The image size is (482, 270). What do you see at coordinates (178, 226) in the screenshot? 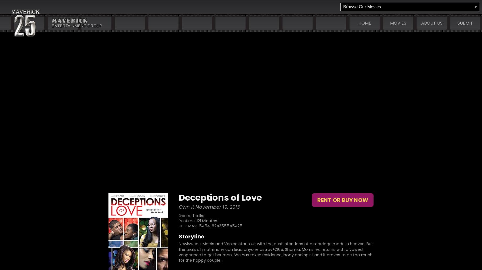
I see `'UPC:'` at bounding box center [178, 226].